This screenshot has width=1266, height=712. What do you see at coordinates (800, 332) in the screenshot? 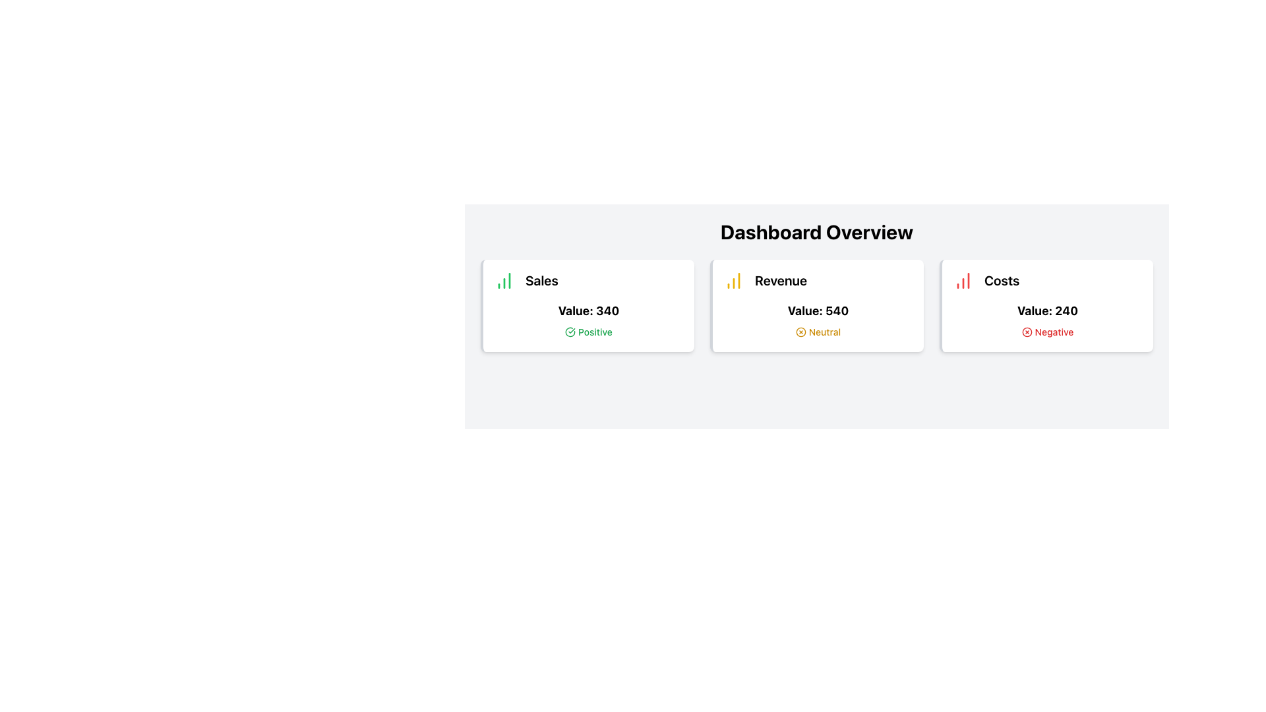
I see `the SVG circle element, which is centrally located within the 'circle-x' icon and is identifiable by its filled circular shape` at bounding box center [800, 332].